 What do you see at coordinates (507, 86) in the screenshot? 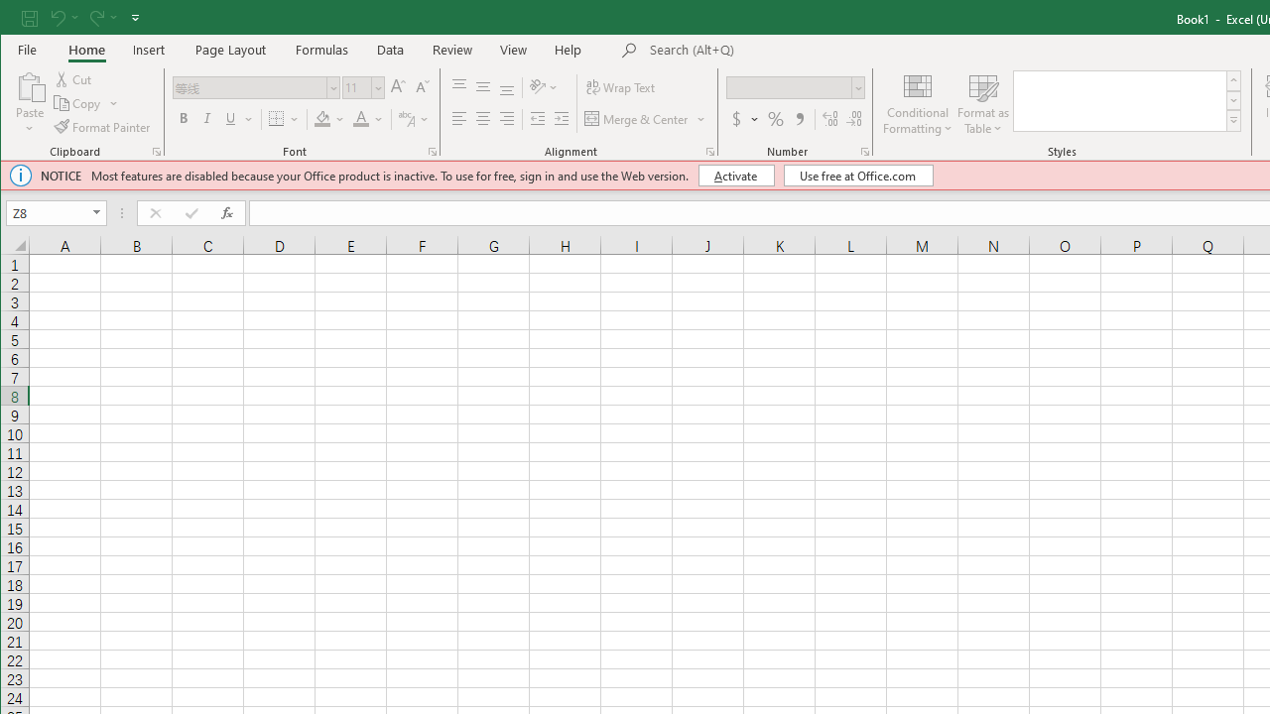
I see `'Bottom Align'` at bounding box center [507, 86].